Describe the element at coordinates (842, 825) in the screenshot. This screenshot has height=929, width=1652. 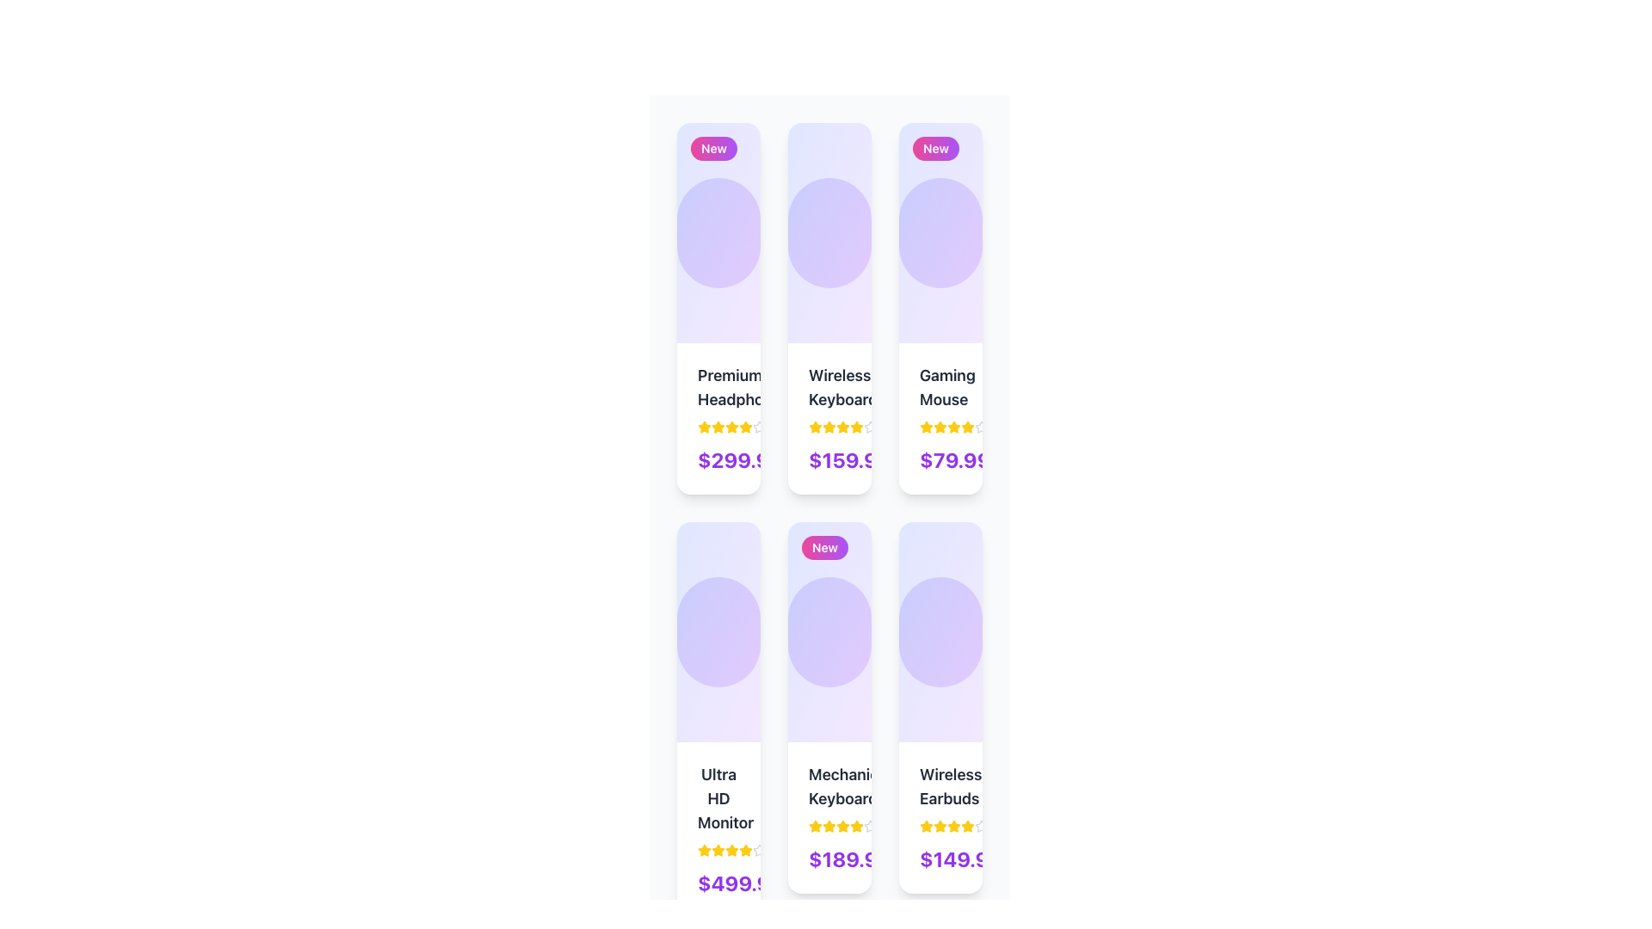
I see `the fourth star rating icon under the 'Mechanical Keyboard' product card, which visually indicates a rating level in the user-feedback system` at that location.